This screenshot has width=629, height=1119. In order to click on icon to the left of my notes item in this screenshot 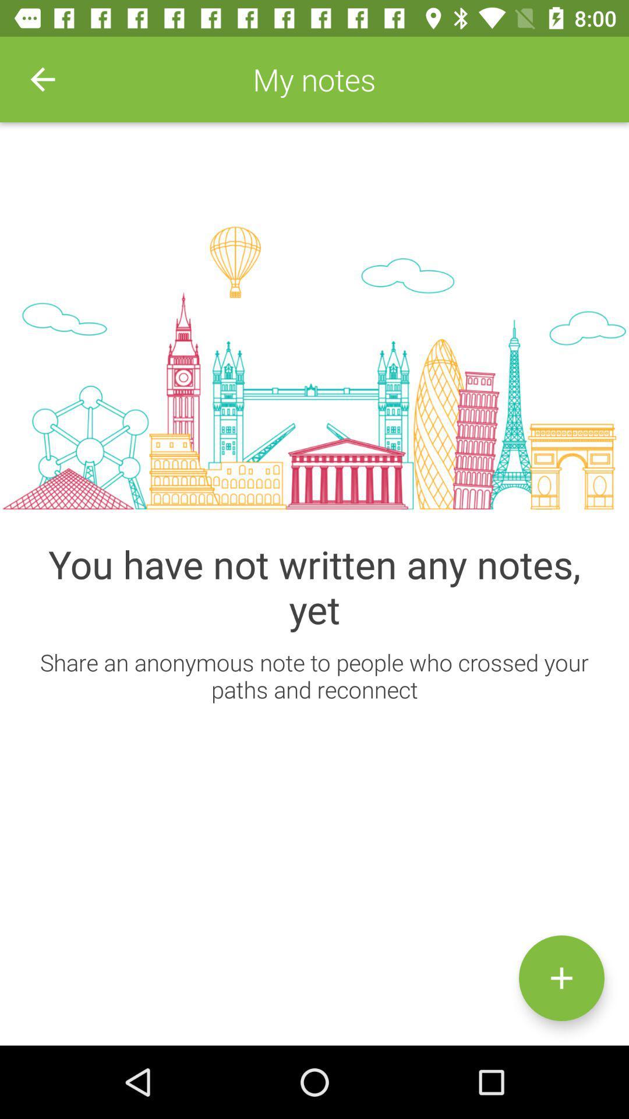, I will do `click(42, 79)`.